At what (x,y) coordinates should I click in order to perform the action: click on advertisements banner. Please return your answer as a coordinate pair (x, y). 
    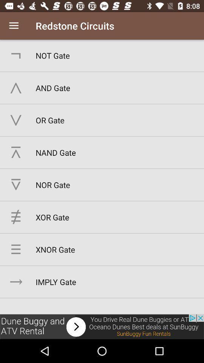
    Looking at the image, I should click on (102, 326).